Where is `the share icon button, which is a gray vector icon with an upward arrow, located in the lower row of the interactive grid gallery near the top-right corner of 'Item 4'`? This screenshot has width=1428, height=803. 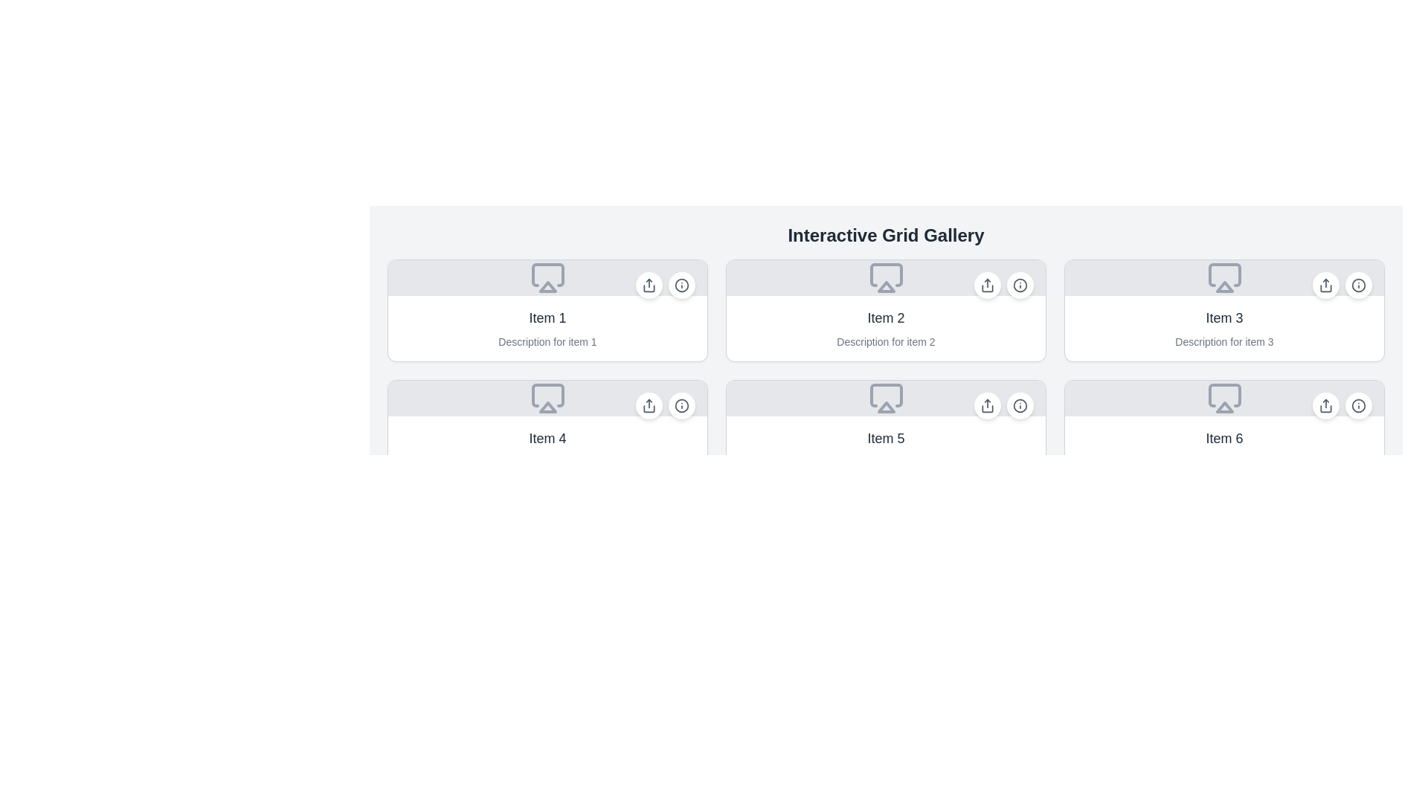
the share icon button, which is a gray vector icon with an upward arrow, located in the lower row of the interactive grid gallery near the top-right corner of 'Item 4' is located at coordinates (649, 406).